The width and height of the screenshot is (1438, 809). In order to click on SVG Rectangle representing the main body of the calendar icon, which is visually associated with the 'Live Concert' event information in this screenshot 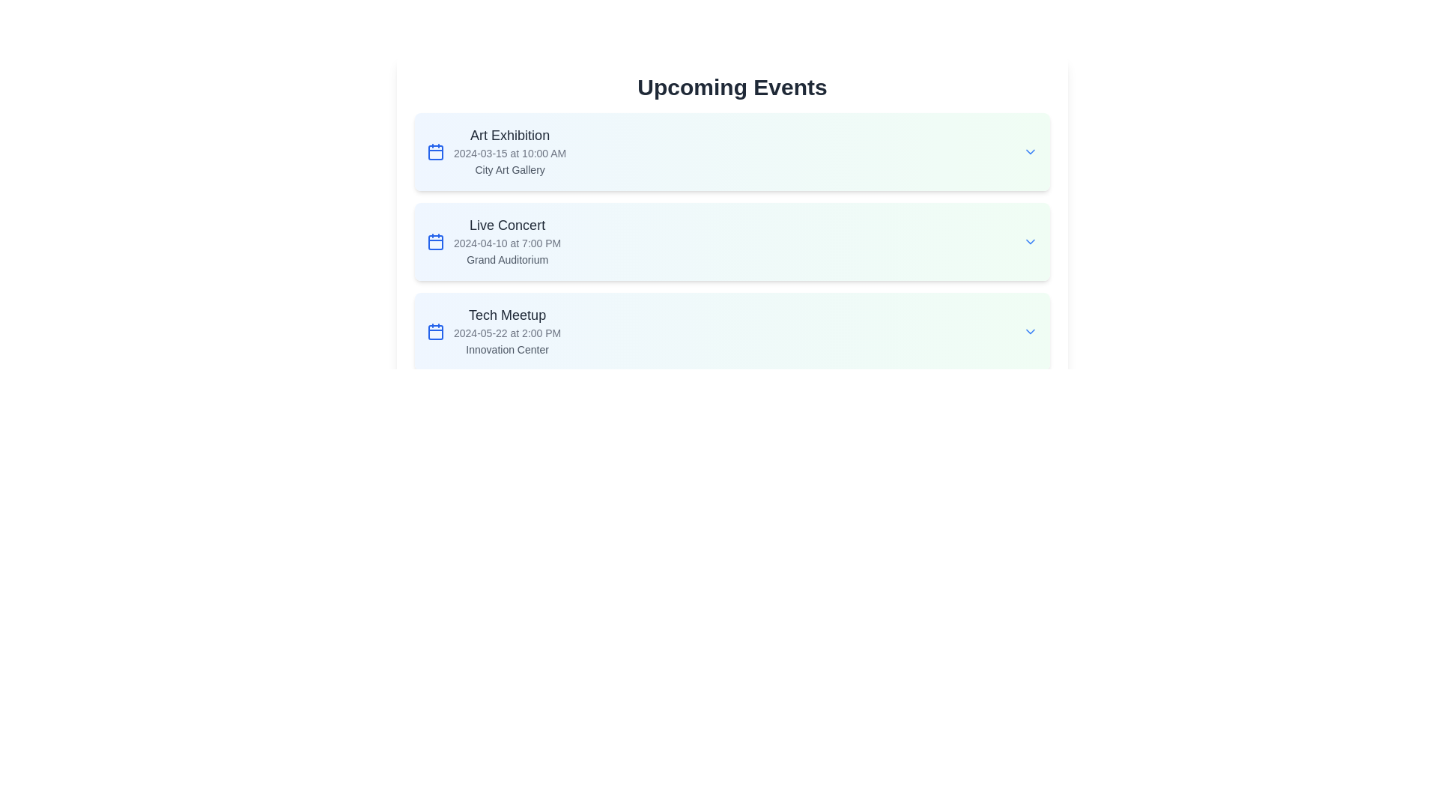, I will do `click(434, 242)`.